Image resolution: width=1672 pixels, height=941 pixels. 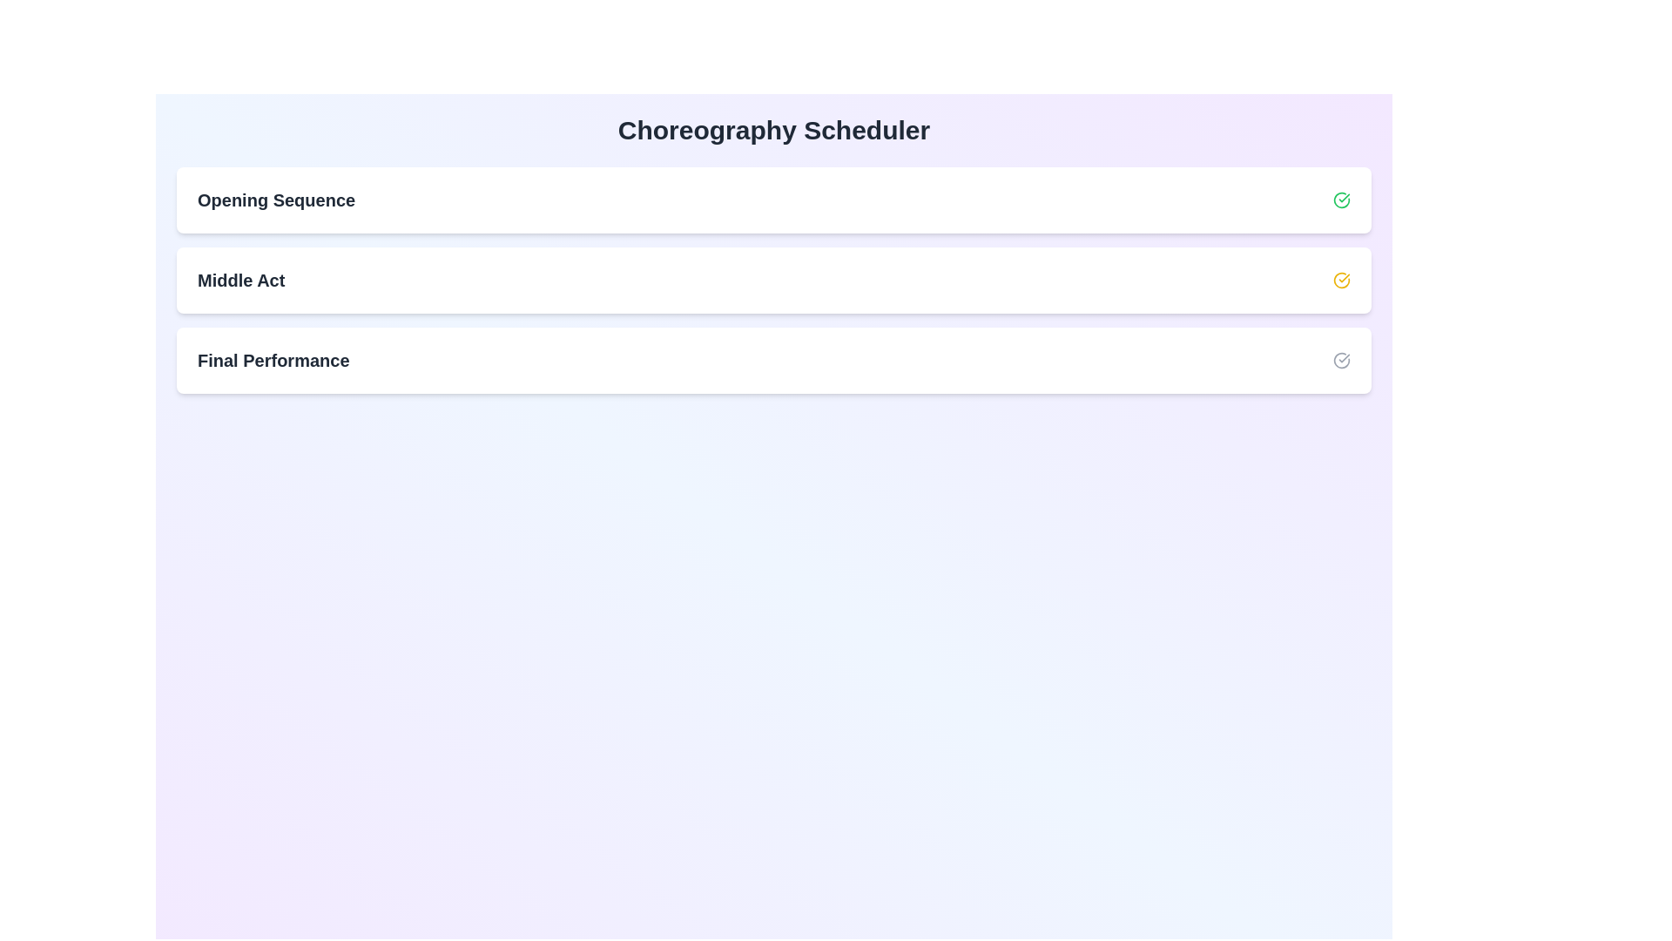 What do you see at coordinates (1340, 279) in the screenshot?
I see `status icon of the routine Middle Act` at bounding box center [1340, 279].